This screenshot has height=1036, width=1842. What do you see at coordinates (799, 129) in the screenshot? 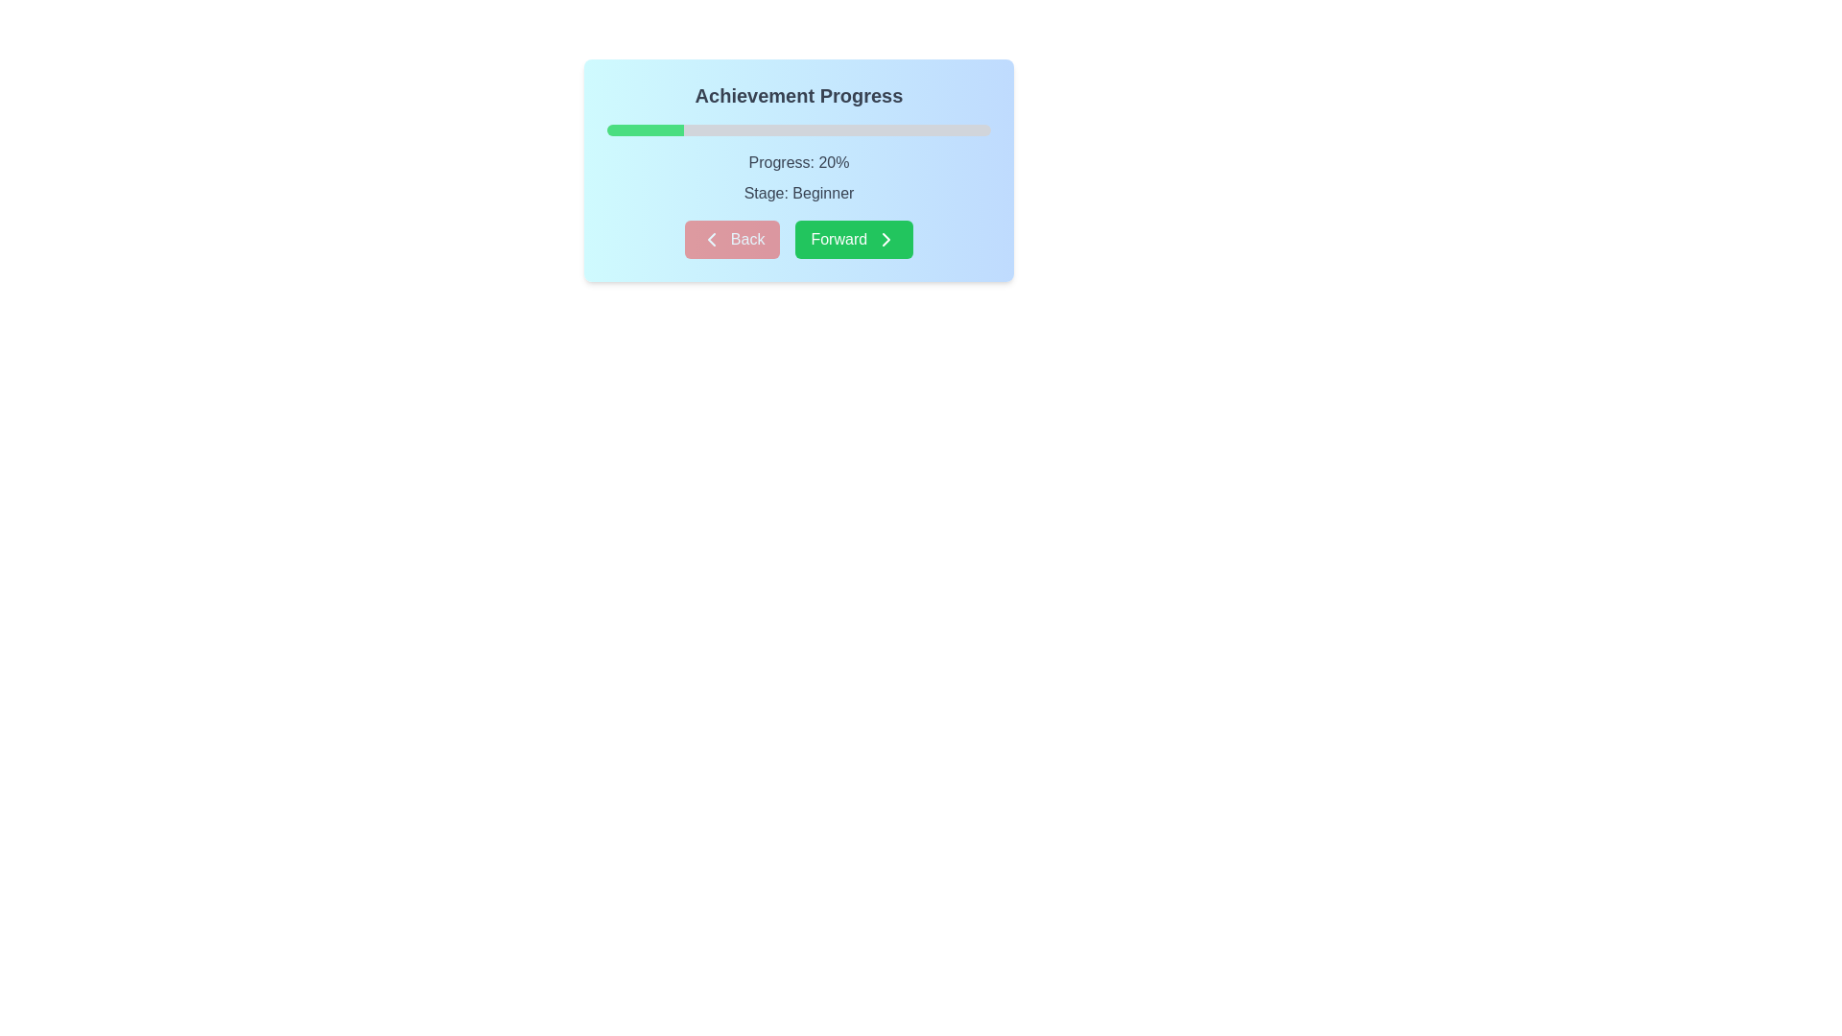
I see `the Progress bar indicating 20% completion, located below 'Achievement Progress' and above 'Progress: 20%'` at bounding box center [799, 129].